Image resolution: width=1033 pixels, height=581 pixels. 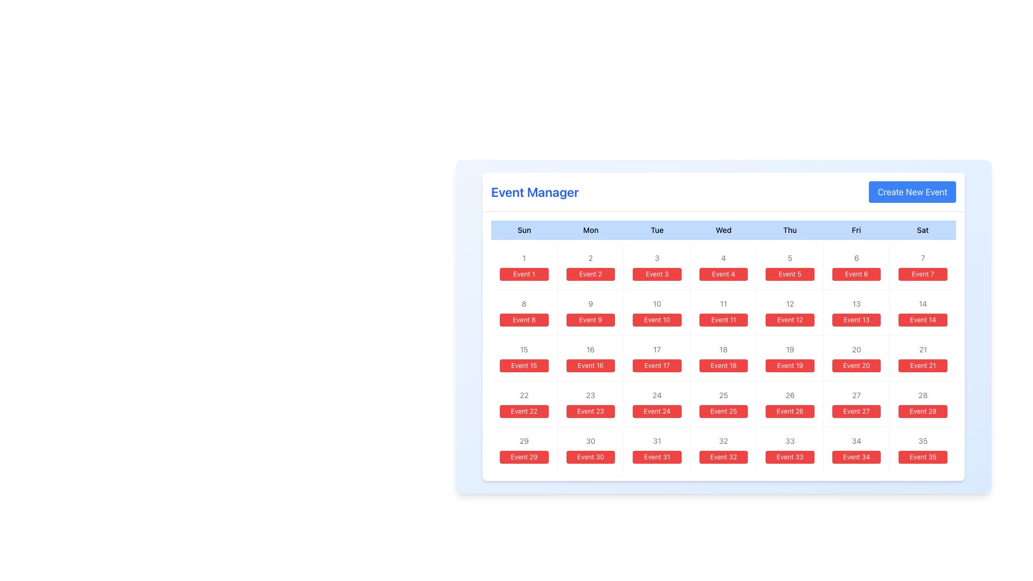 I want to click on the non-interactive text label styled as a button with a red background and white text displaying 'Event 16', located in the calendar interface, so click(x=590, y=365).